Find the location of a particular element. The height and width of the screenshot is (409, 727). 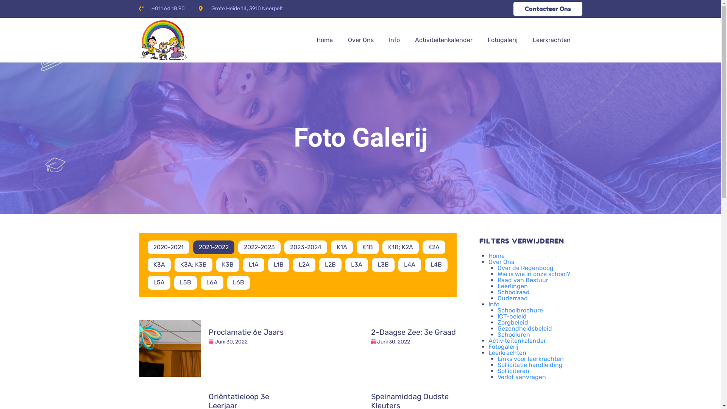

'Info' is located at coordinates (488, 304).